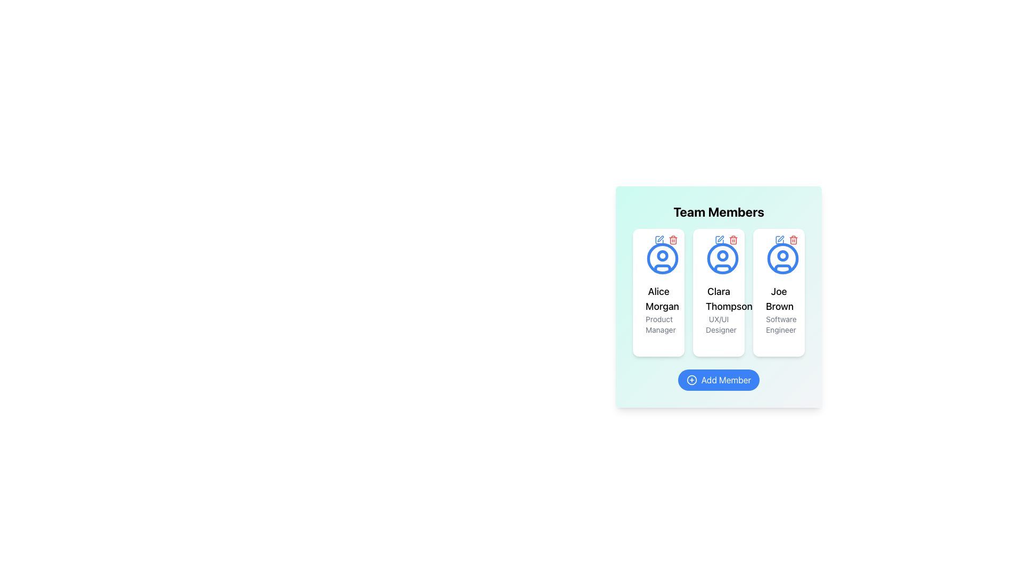 The height and width of the screenshot is (575, 1022). What do you see at coordinates (787, 240) in the screenshot?
I see `the icon group containing a blue edit icon and a red delete icon located in the top-right corner of Joe Brown's profile card` at bounding box center [787, 240].